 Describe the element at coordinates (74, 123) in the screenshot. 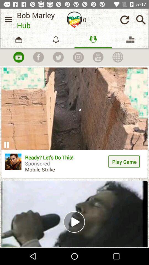

I see `the first video` at that location.